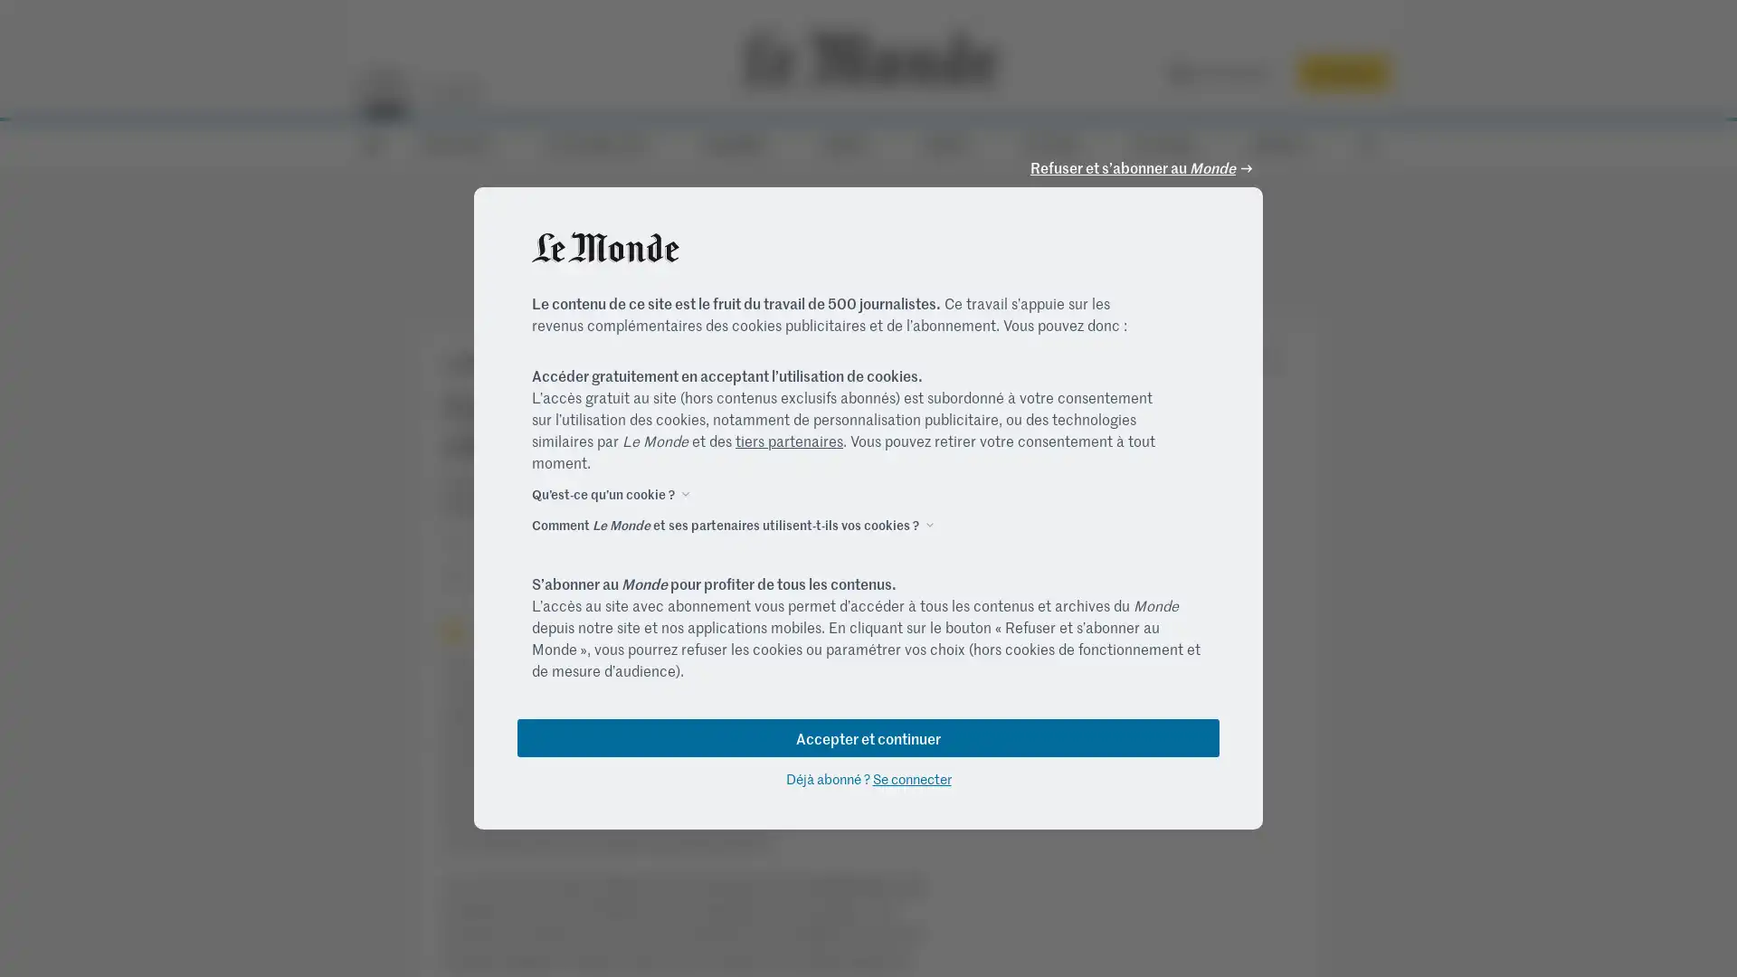 The height and width of the screenshot is (977, 1737). Describe the element at coordinates (954, 143) in the screenshot. I see `DEBATS` at that location.